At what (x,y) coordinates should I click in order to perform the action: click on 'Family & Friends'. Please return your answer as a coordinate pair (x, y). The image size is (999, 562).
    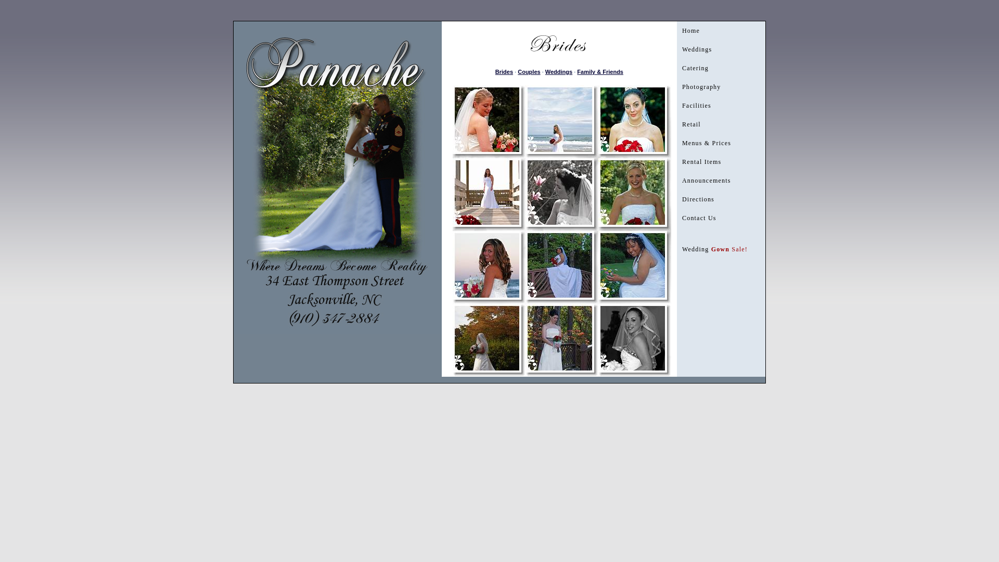
    Looking at the image, I should click on (600, 71).